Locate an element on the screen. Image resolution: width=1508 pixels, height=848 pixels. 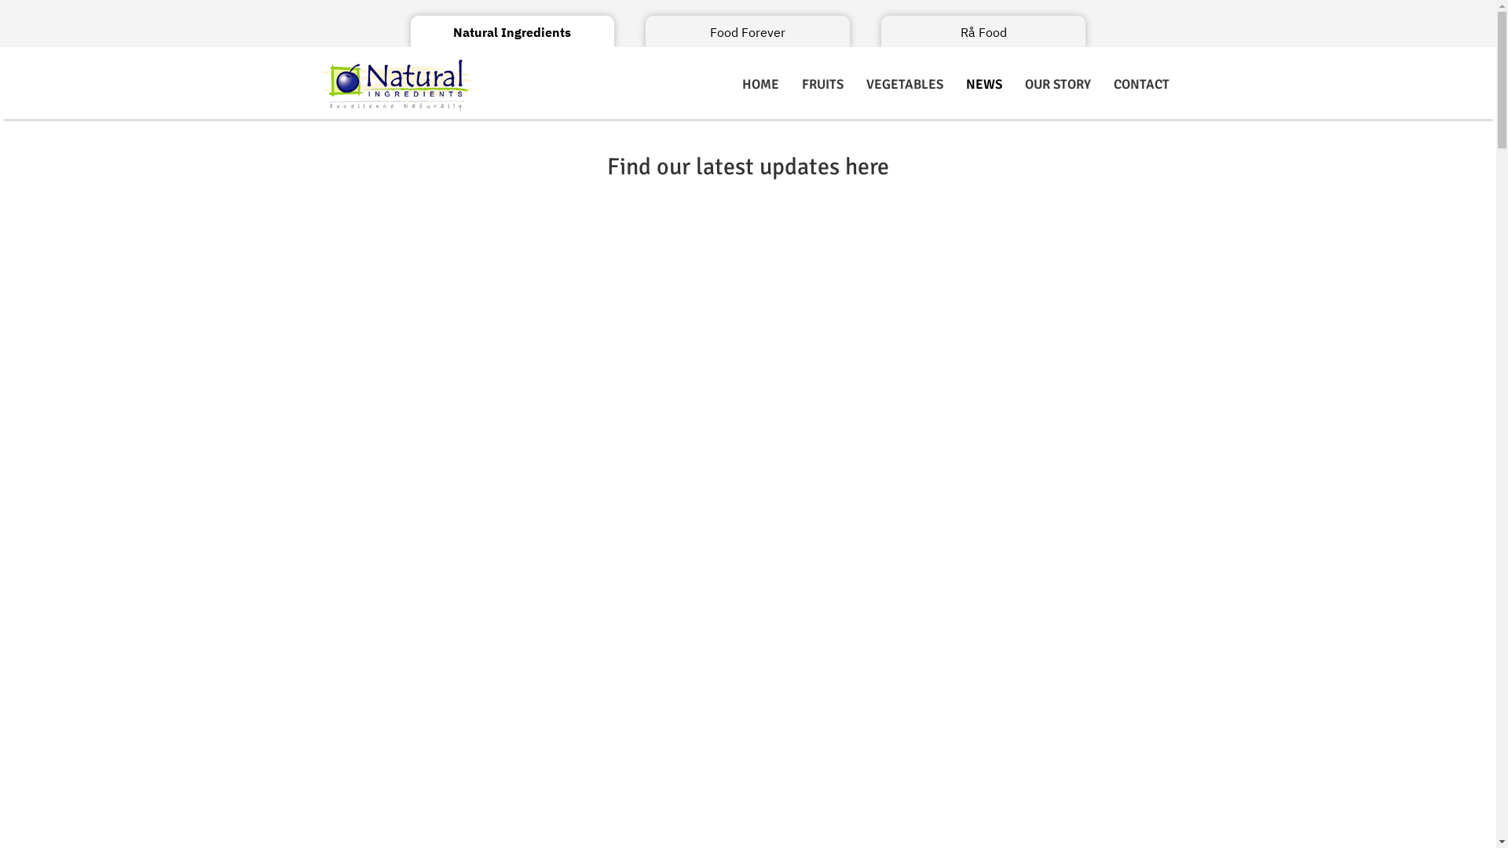
'Food Forever' is located at coordinates (746, 32).